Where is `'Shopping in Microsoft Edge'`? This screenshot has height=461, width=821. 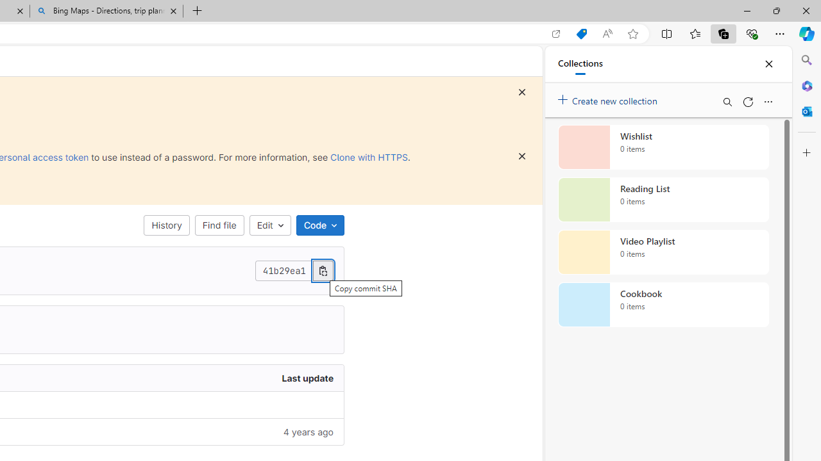
'Shopping in Microsoft Edge' is located at coordinates (580, 33).